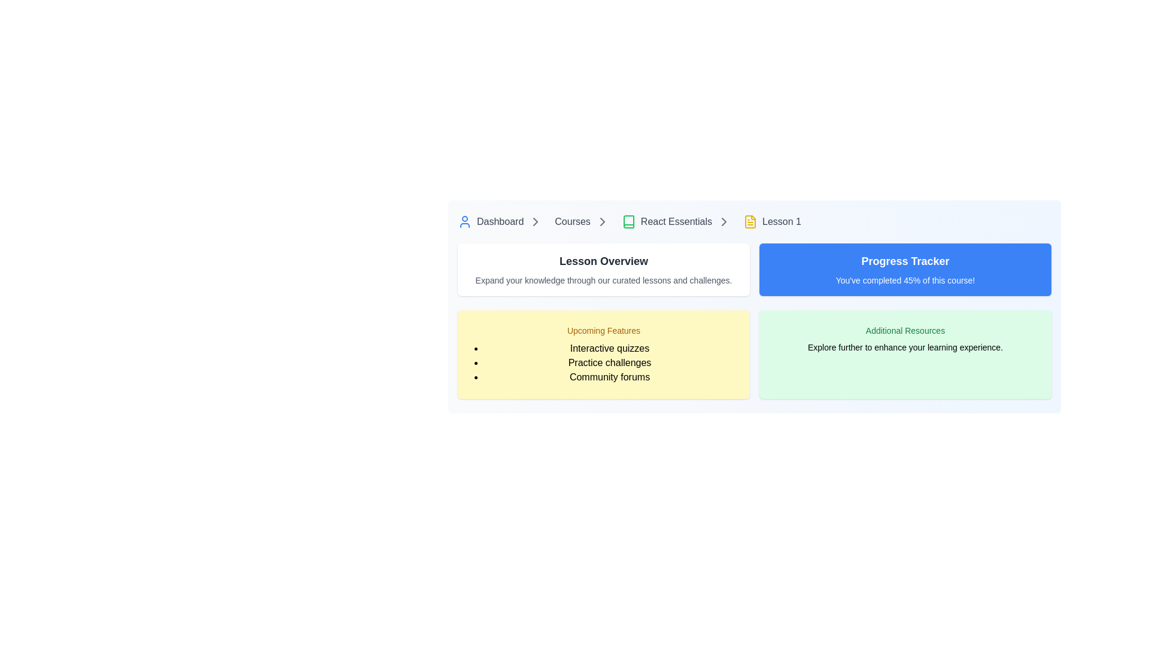  What do you see at coordinates (905, 330) in the screenshot?
I see `the text label displaying 'Additional Resources', which is styled with a green font and bold characters, located in the bottom right section of the layout under the 'Progress Tracker' card` at bounding box center [905, 330].